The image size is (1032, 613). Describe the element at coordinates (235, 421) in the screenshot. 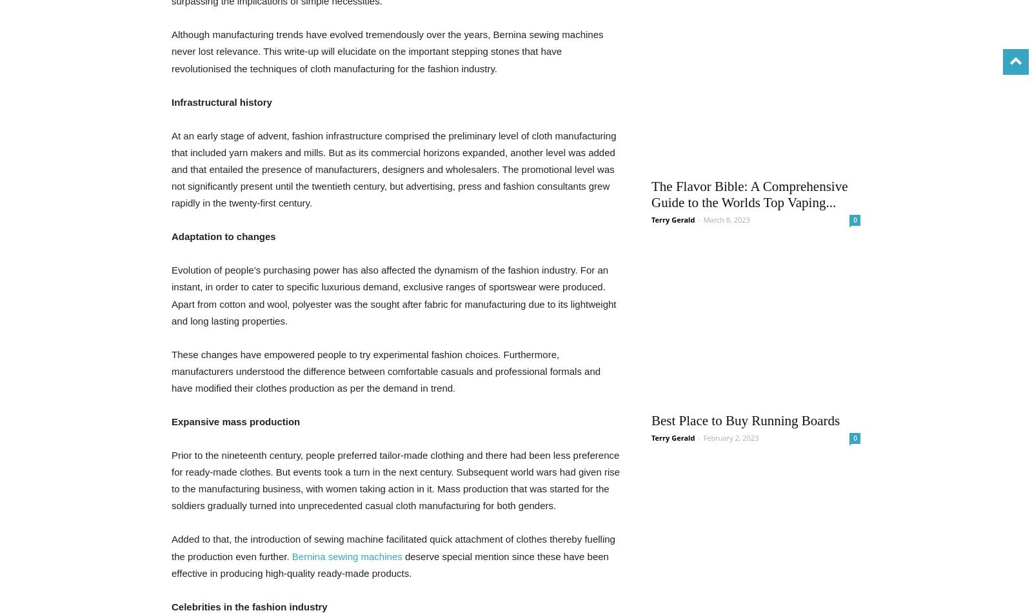

I see `'Expansive mass production'` at that location.